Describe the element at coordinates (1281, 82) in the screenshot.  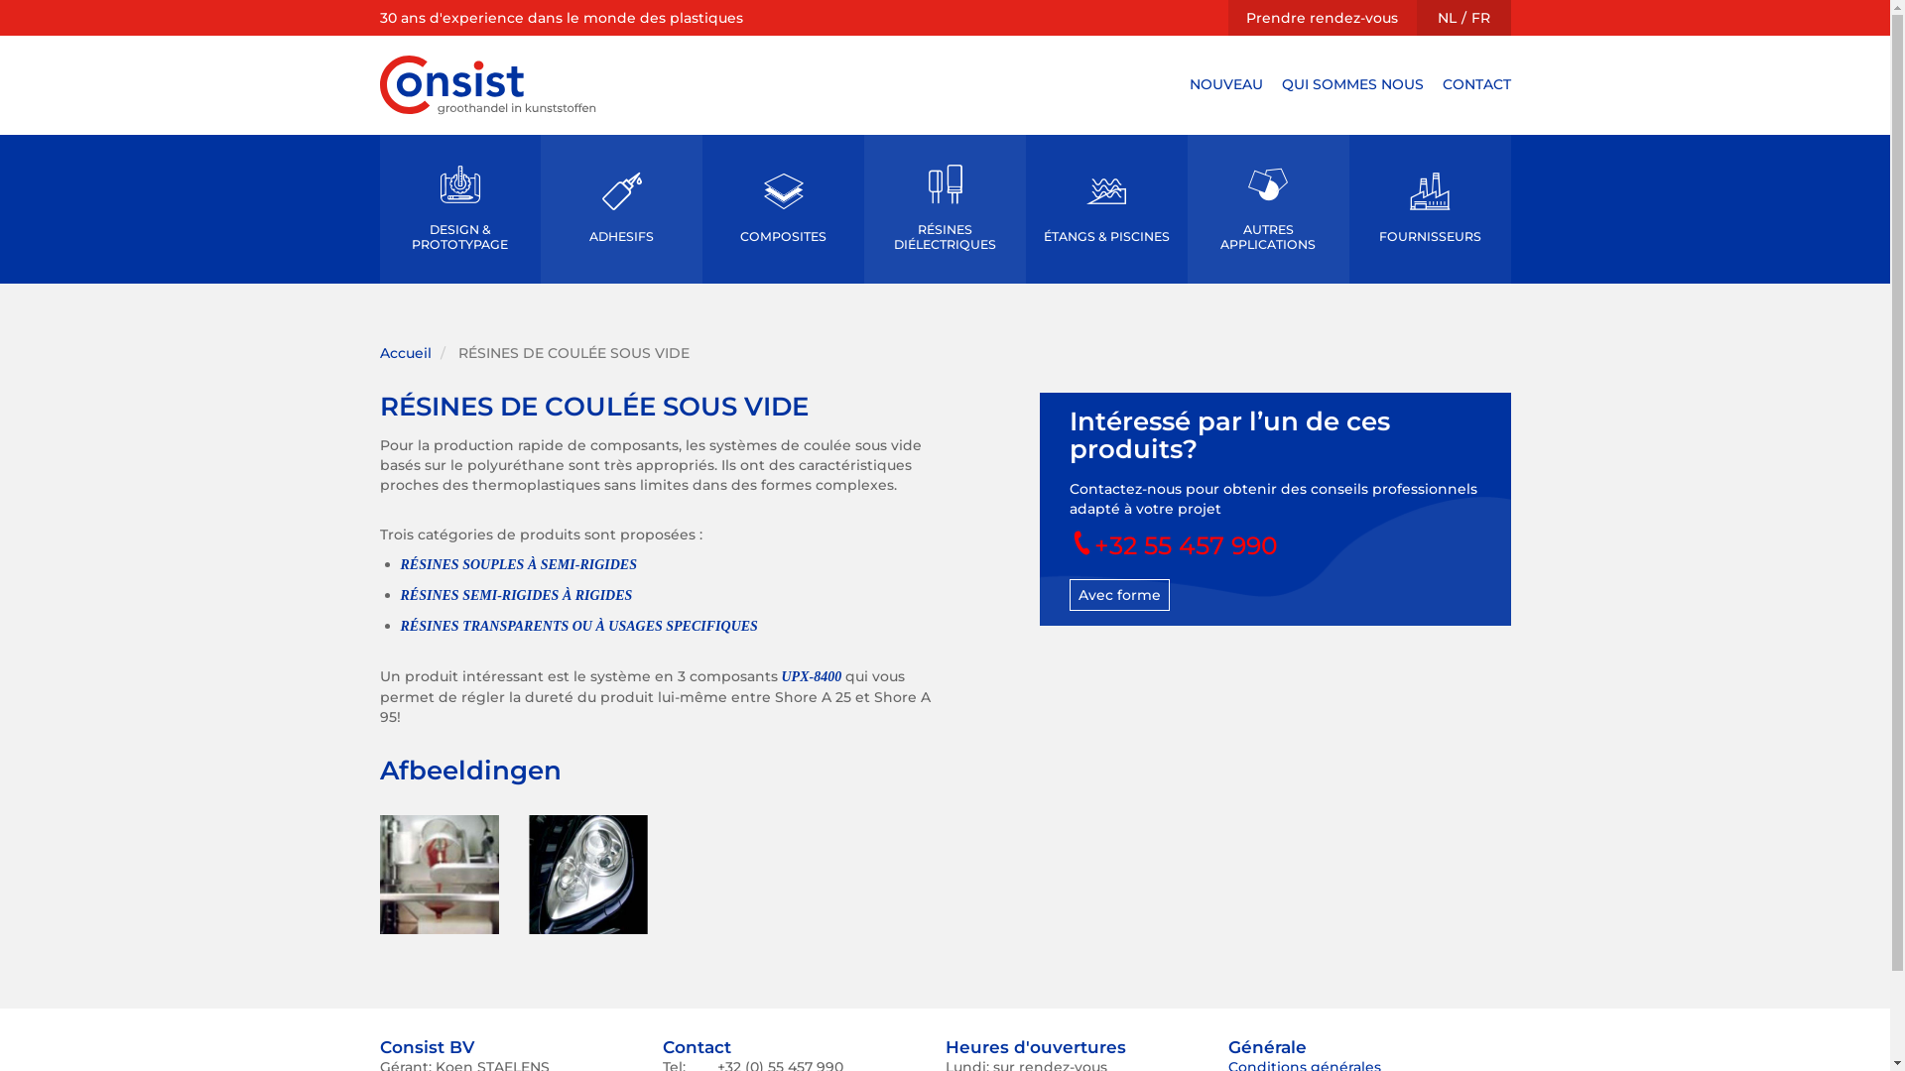
I see `'QUI SOMMES NOUS'` at that location.